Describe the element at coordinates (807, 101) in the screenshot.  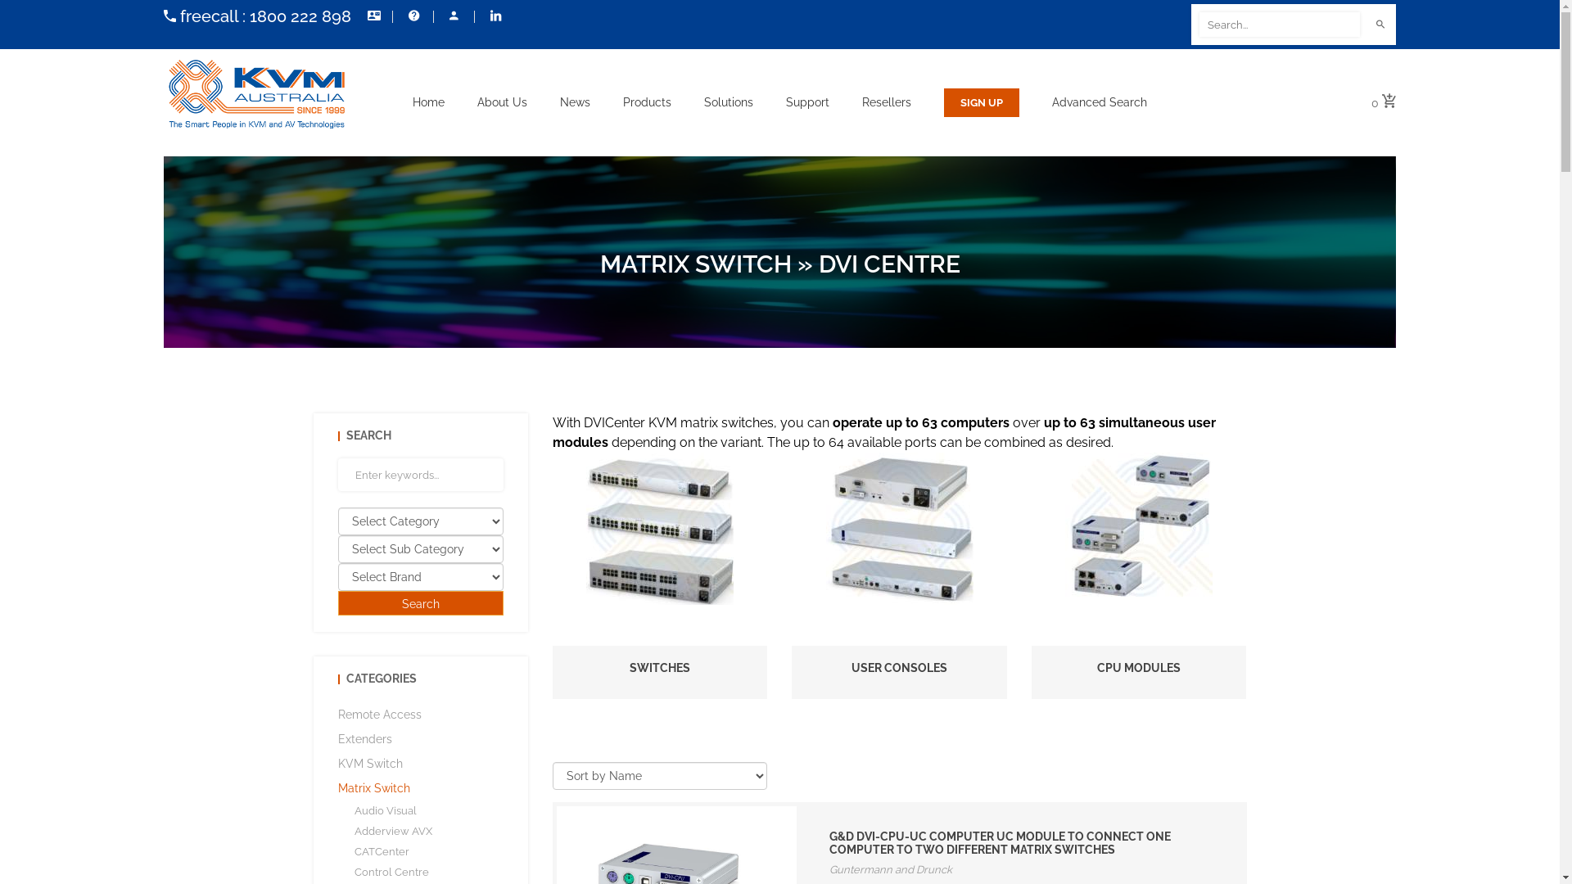
I see `'Support'` at that location.